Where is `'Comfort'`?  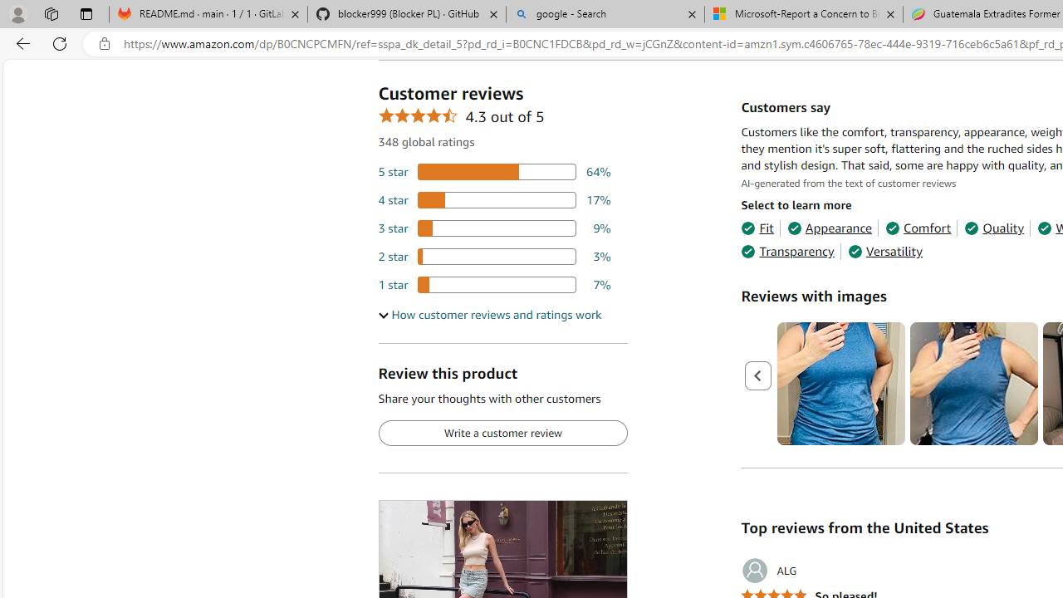 'Comfort' is located at coordinates (917, 228).